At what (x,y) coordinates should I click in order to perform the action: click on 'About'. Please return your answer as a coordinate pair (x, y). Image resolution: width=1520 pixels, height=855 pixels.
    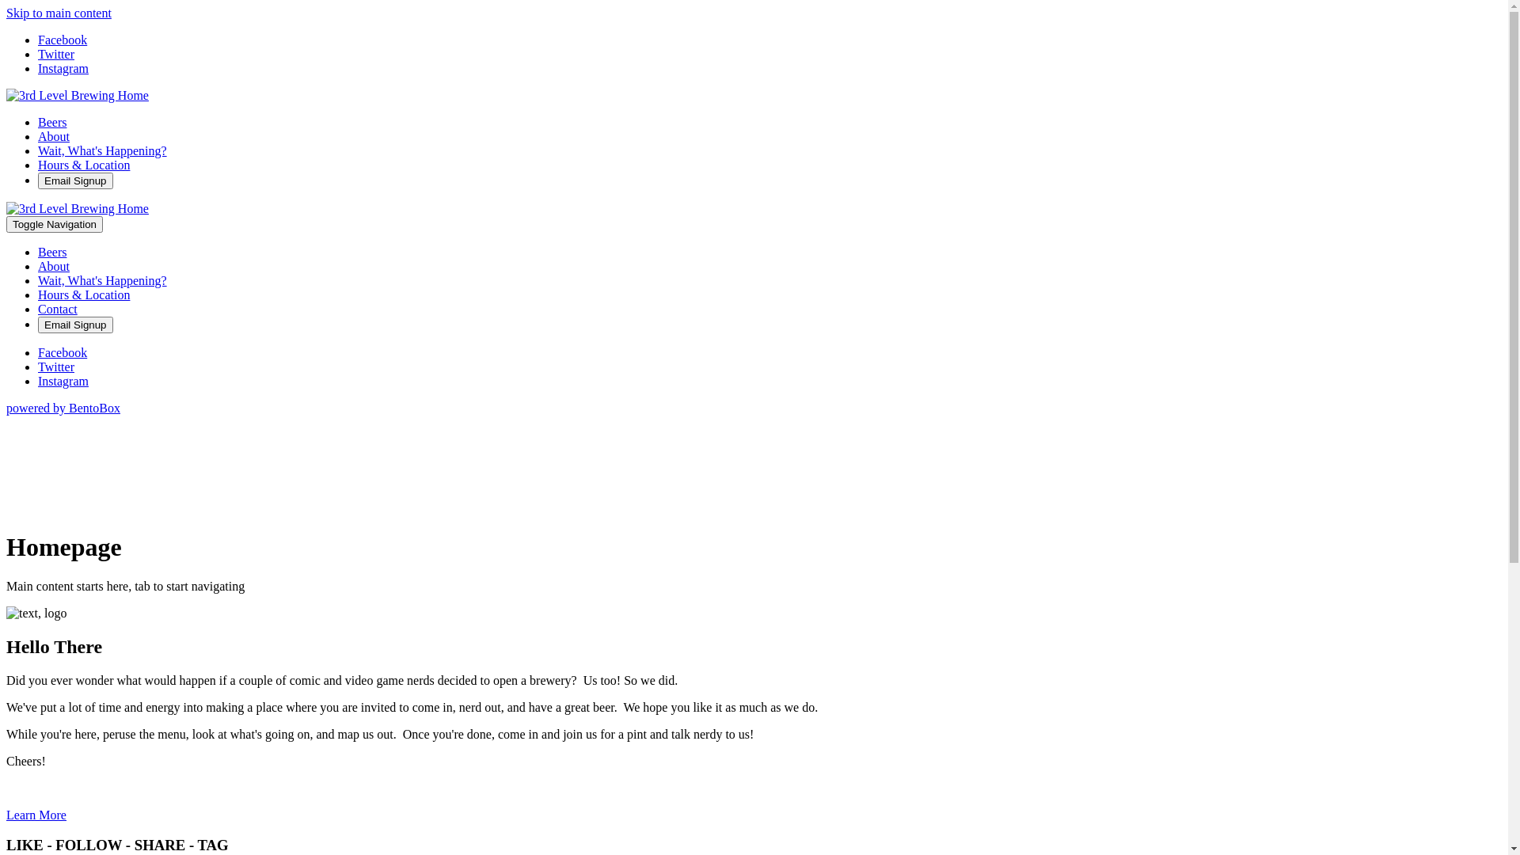
    Looking at the image, I should click on (38, 265).